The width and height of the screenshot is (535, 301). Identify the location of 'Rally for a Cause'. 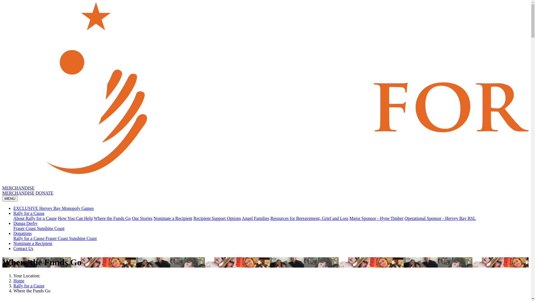
(29, 238).